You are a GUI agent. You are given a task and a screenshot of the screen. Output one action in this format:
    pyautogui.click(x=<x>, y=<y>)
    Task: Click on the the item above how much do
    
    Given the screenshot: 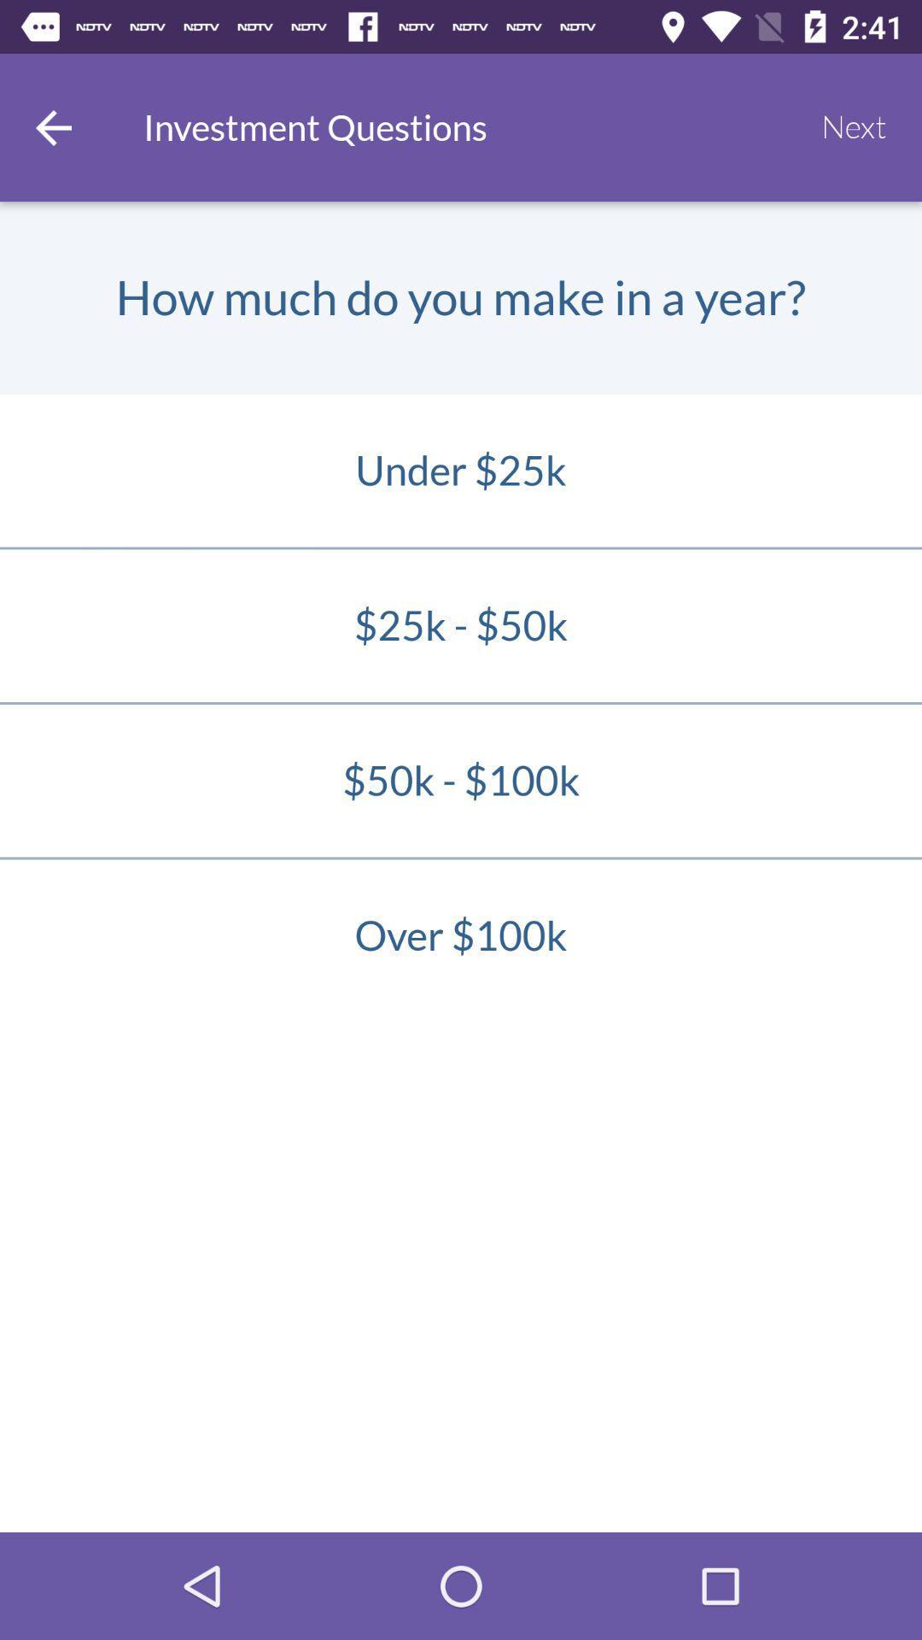 What is the action you would take?
    pyautogui.click(x=52, y=126)
    